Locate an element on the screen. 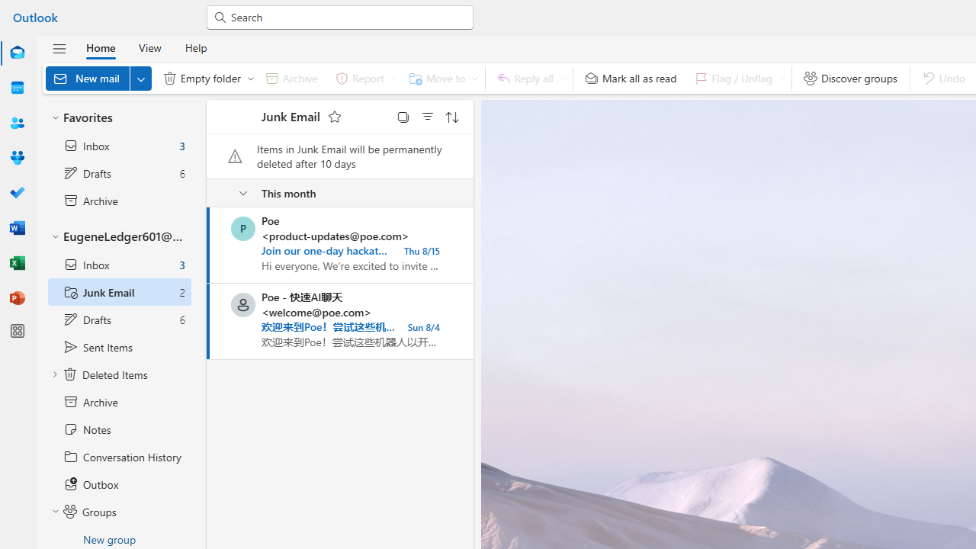 The image size is (976, 549). 'Mark all as read' is located at coordinates (631, 78).